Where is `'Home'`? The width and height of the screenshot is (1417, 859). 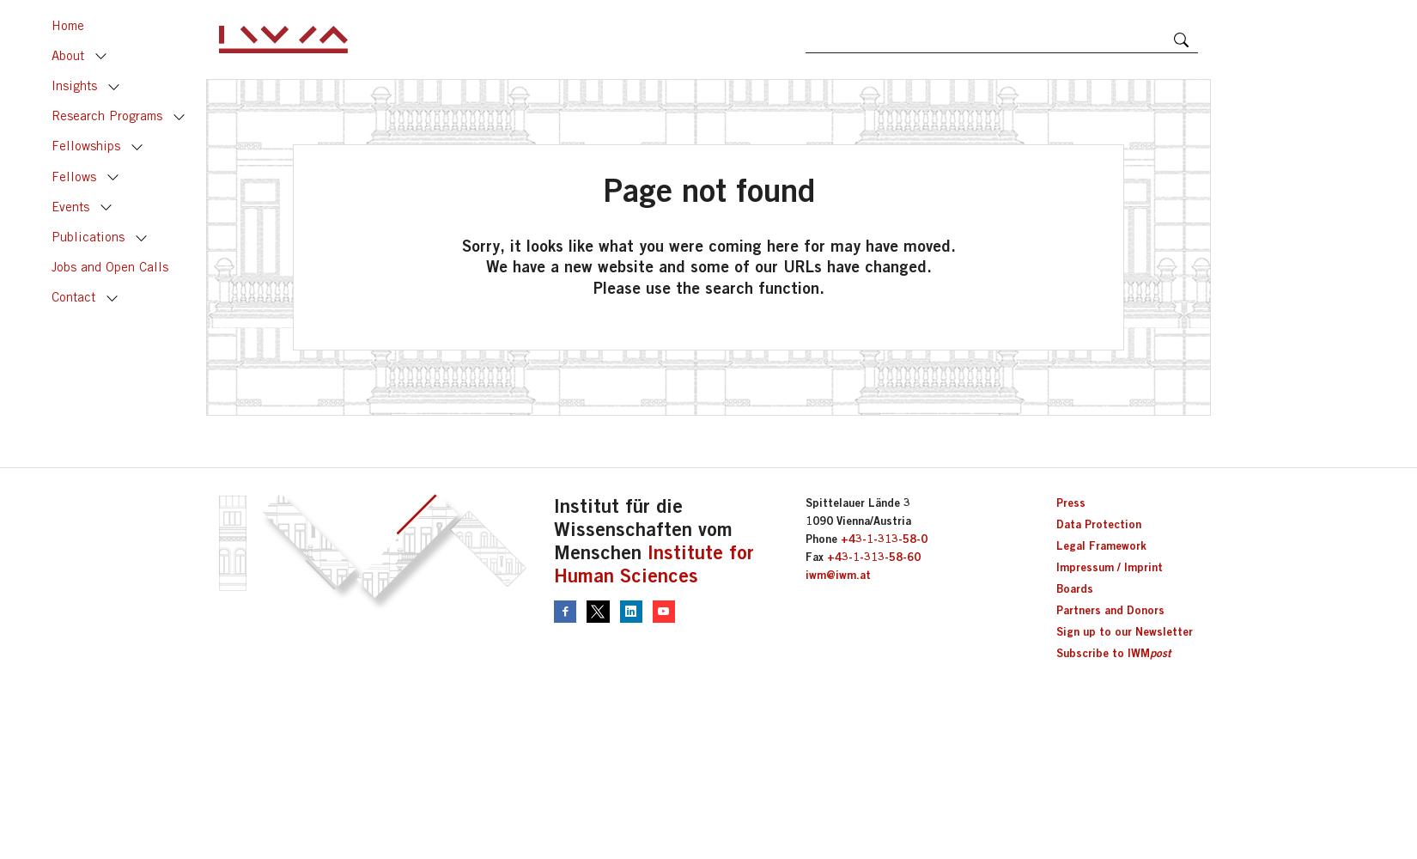 'Home' is located at coordinates (52, 24).